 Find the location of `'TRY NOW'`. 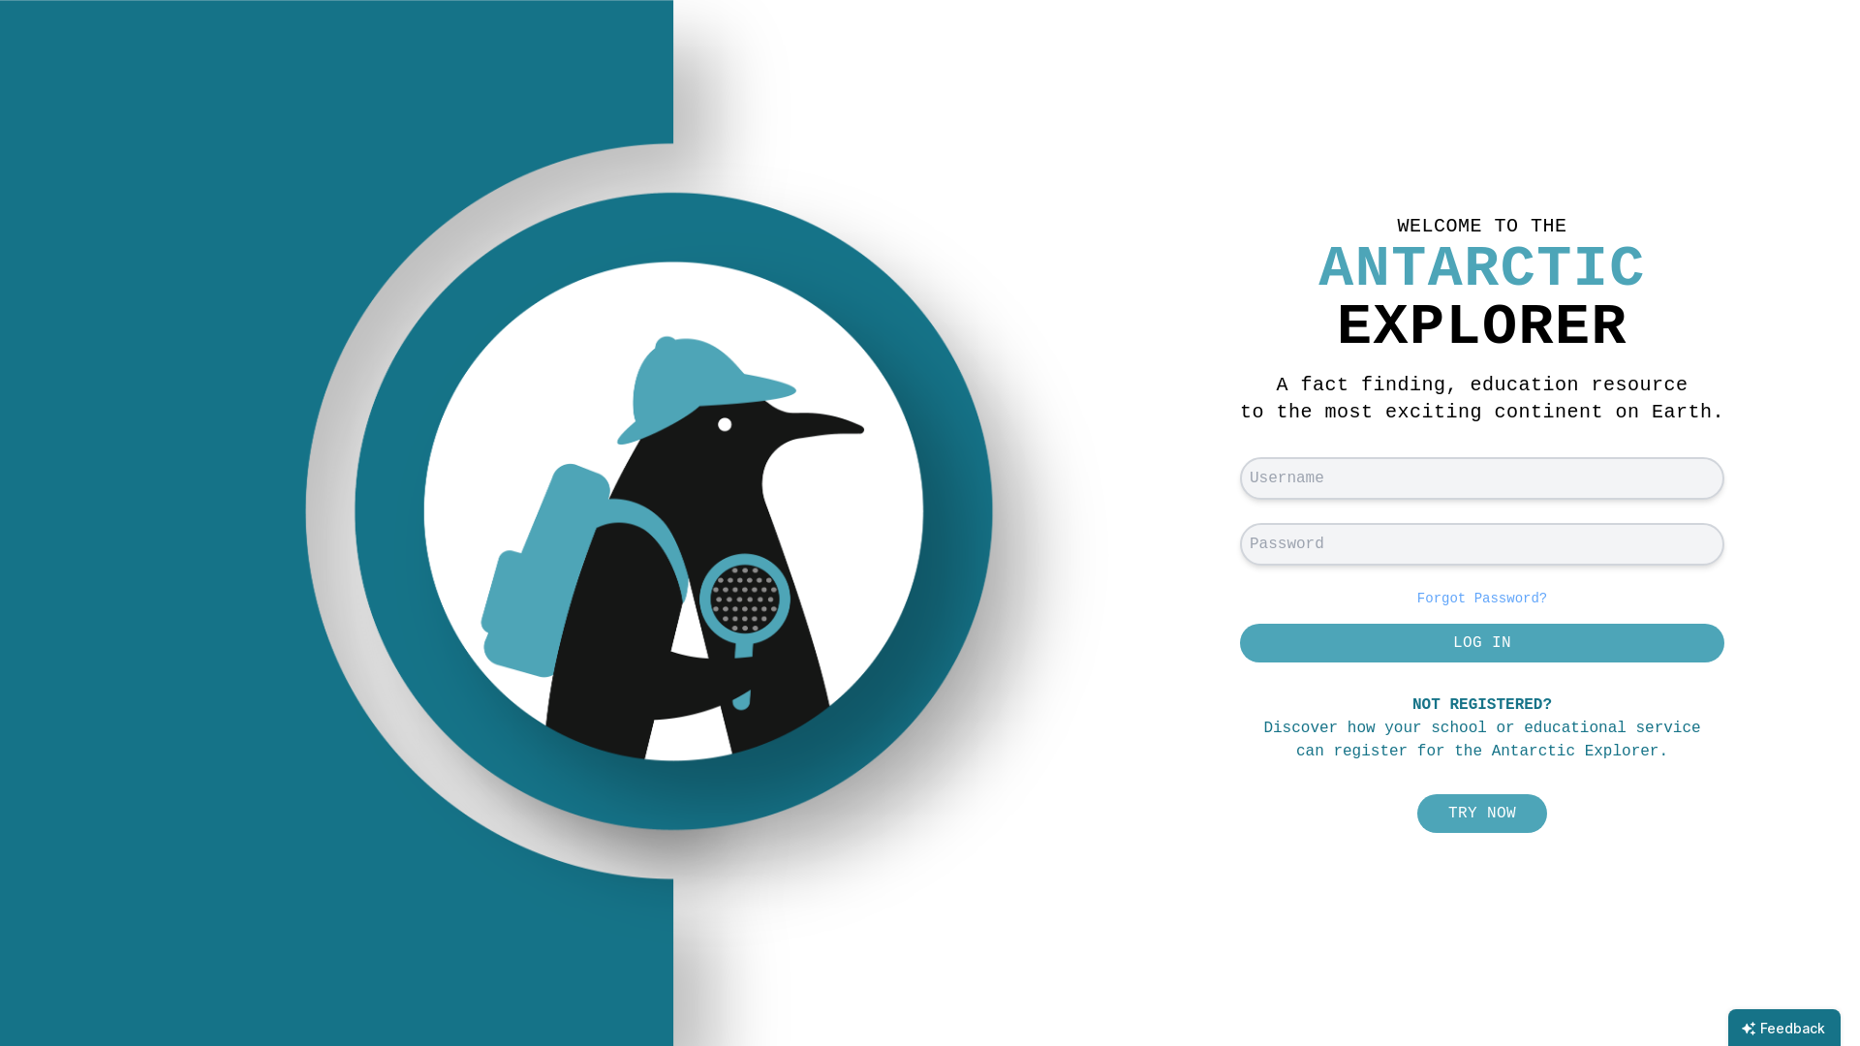

'TRY NOW' is located at coordinates (1481, 814).